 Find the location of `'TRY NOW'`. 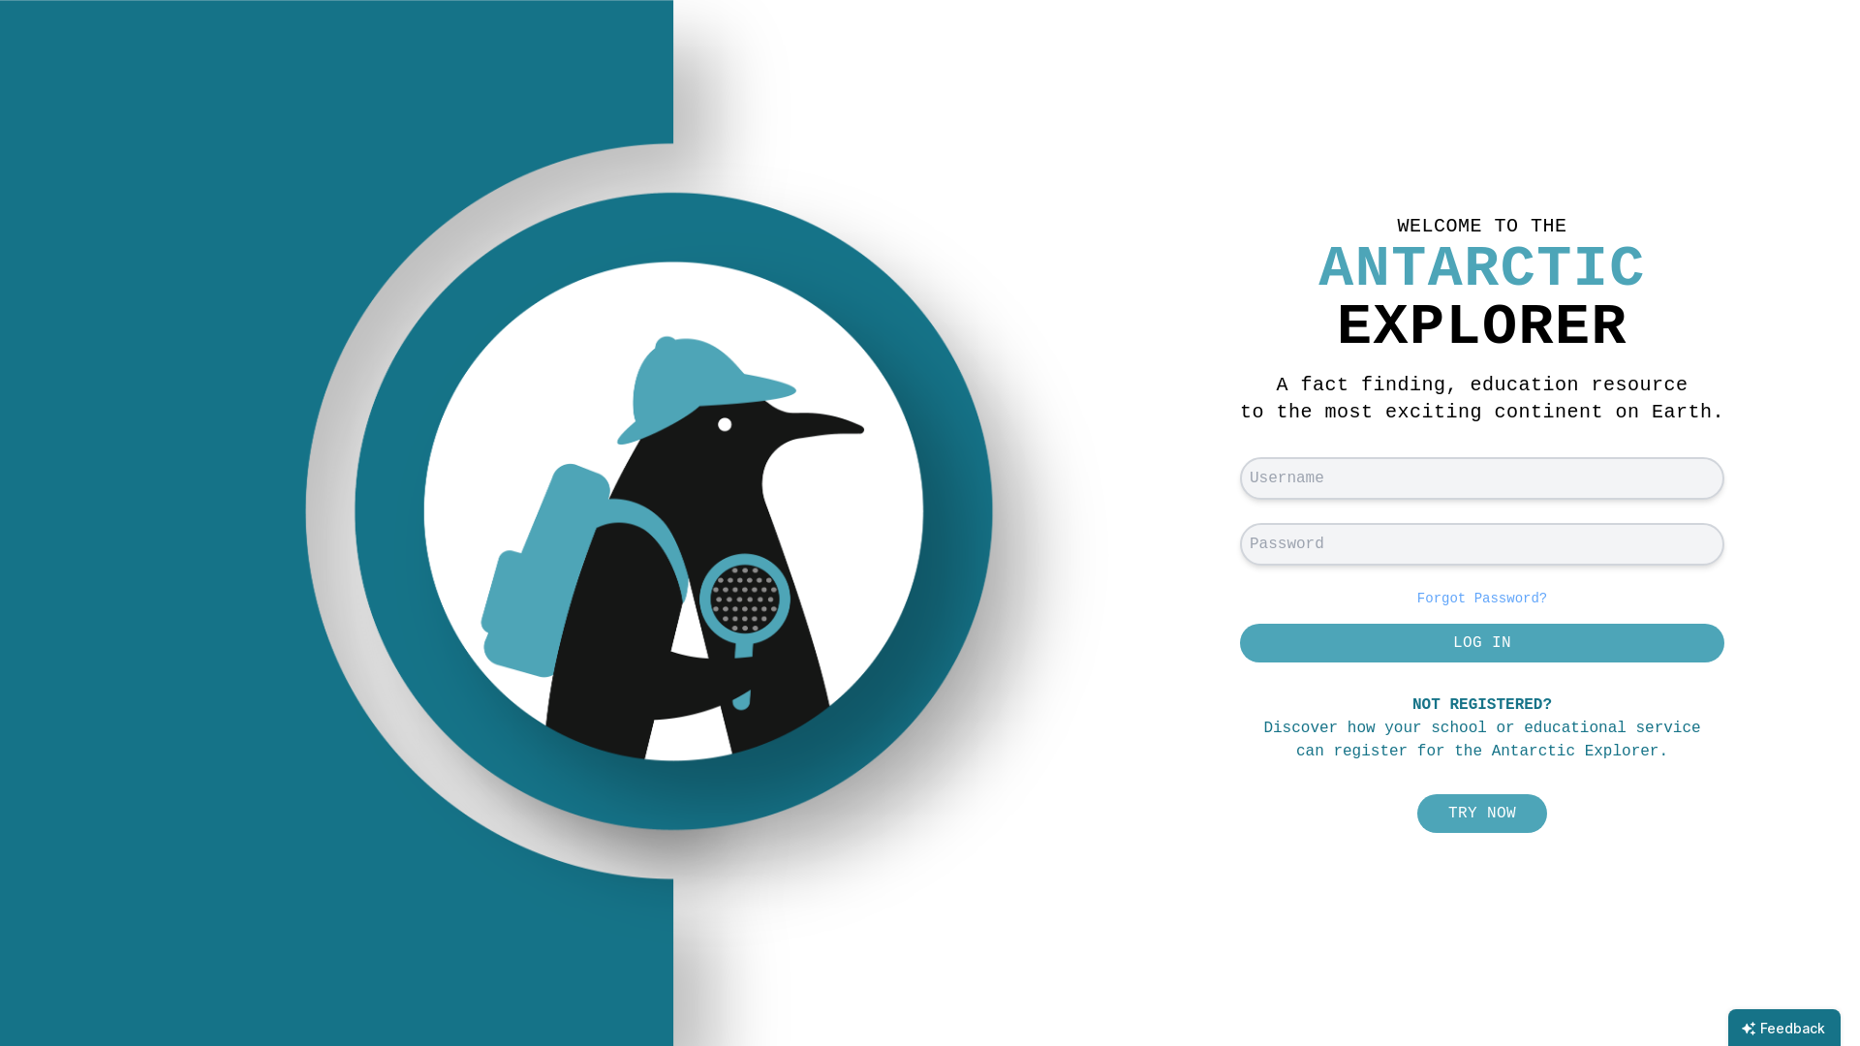

'TRY NOW' is located at coordinates (1481, 814).